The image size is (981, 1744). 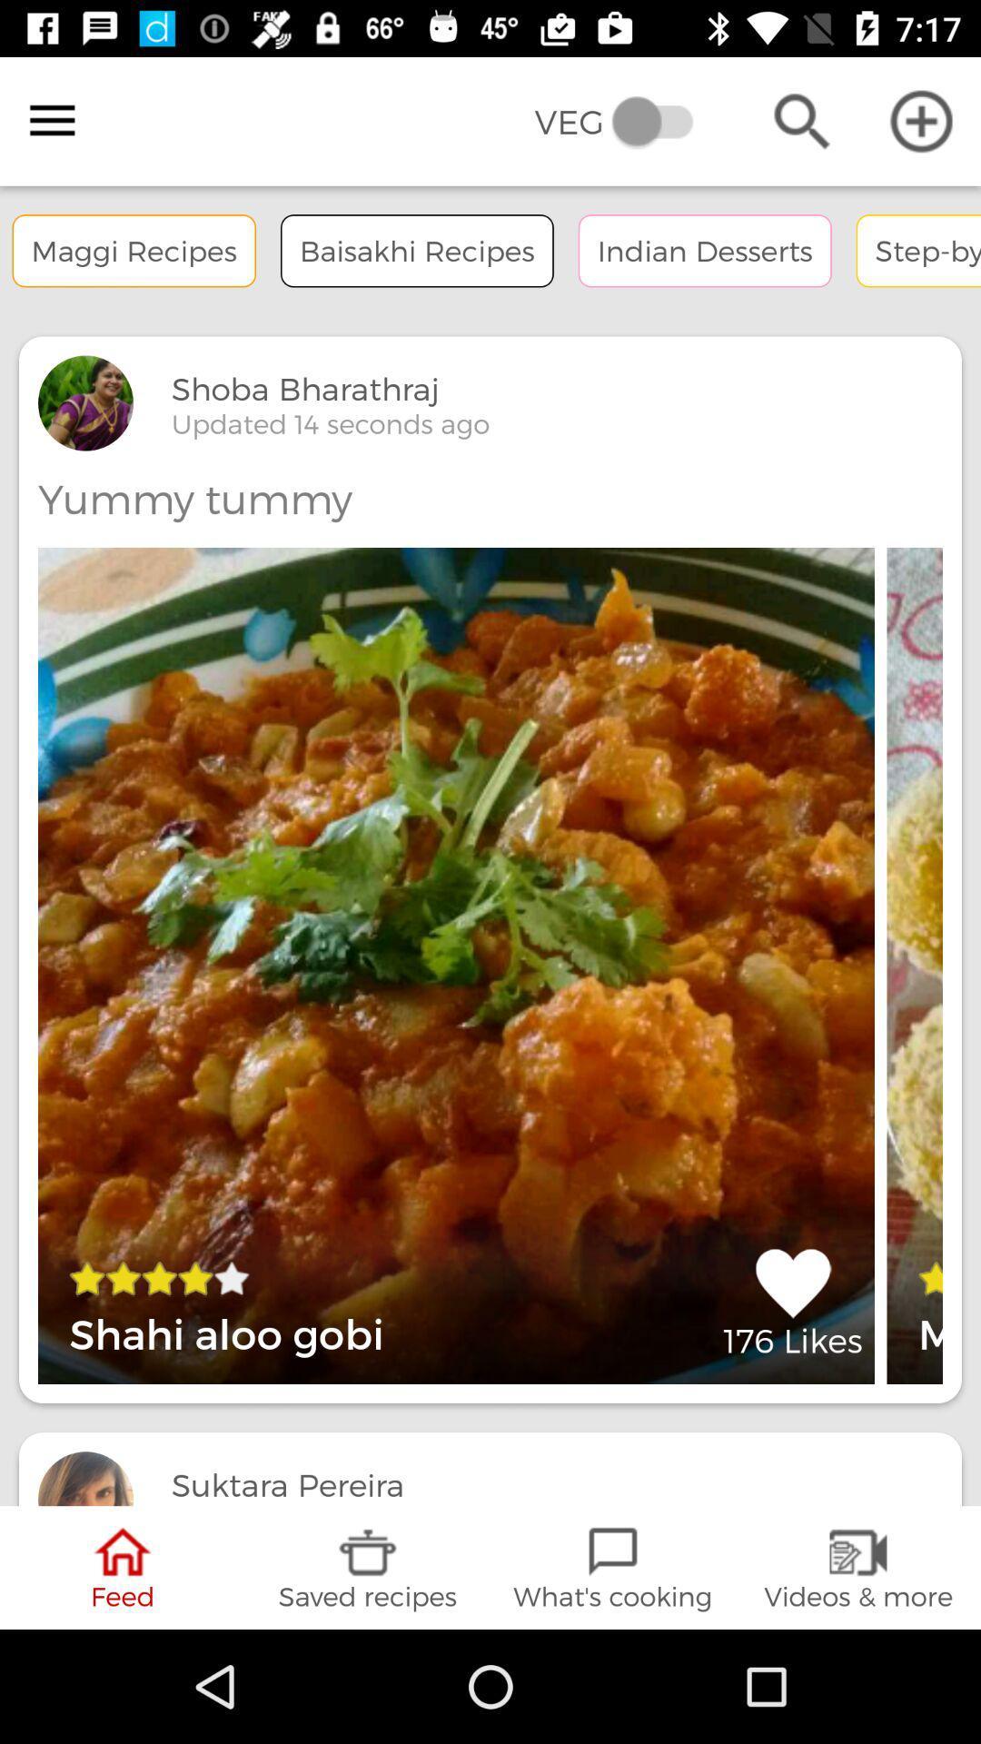 What do you see at coordinates (51, 120) in the screenshot?
I see `the item to the left of veg item` at bounding box center [51, 120].